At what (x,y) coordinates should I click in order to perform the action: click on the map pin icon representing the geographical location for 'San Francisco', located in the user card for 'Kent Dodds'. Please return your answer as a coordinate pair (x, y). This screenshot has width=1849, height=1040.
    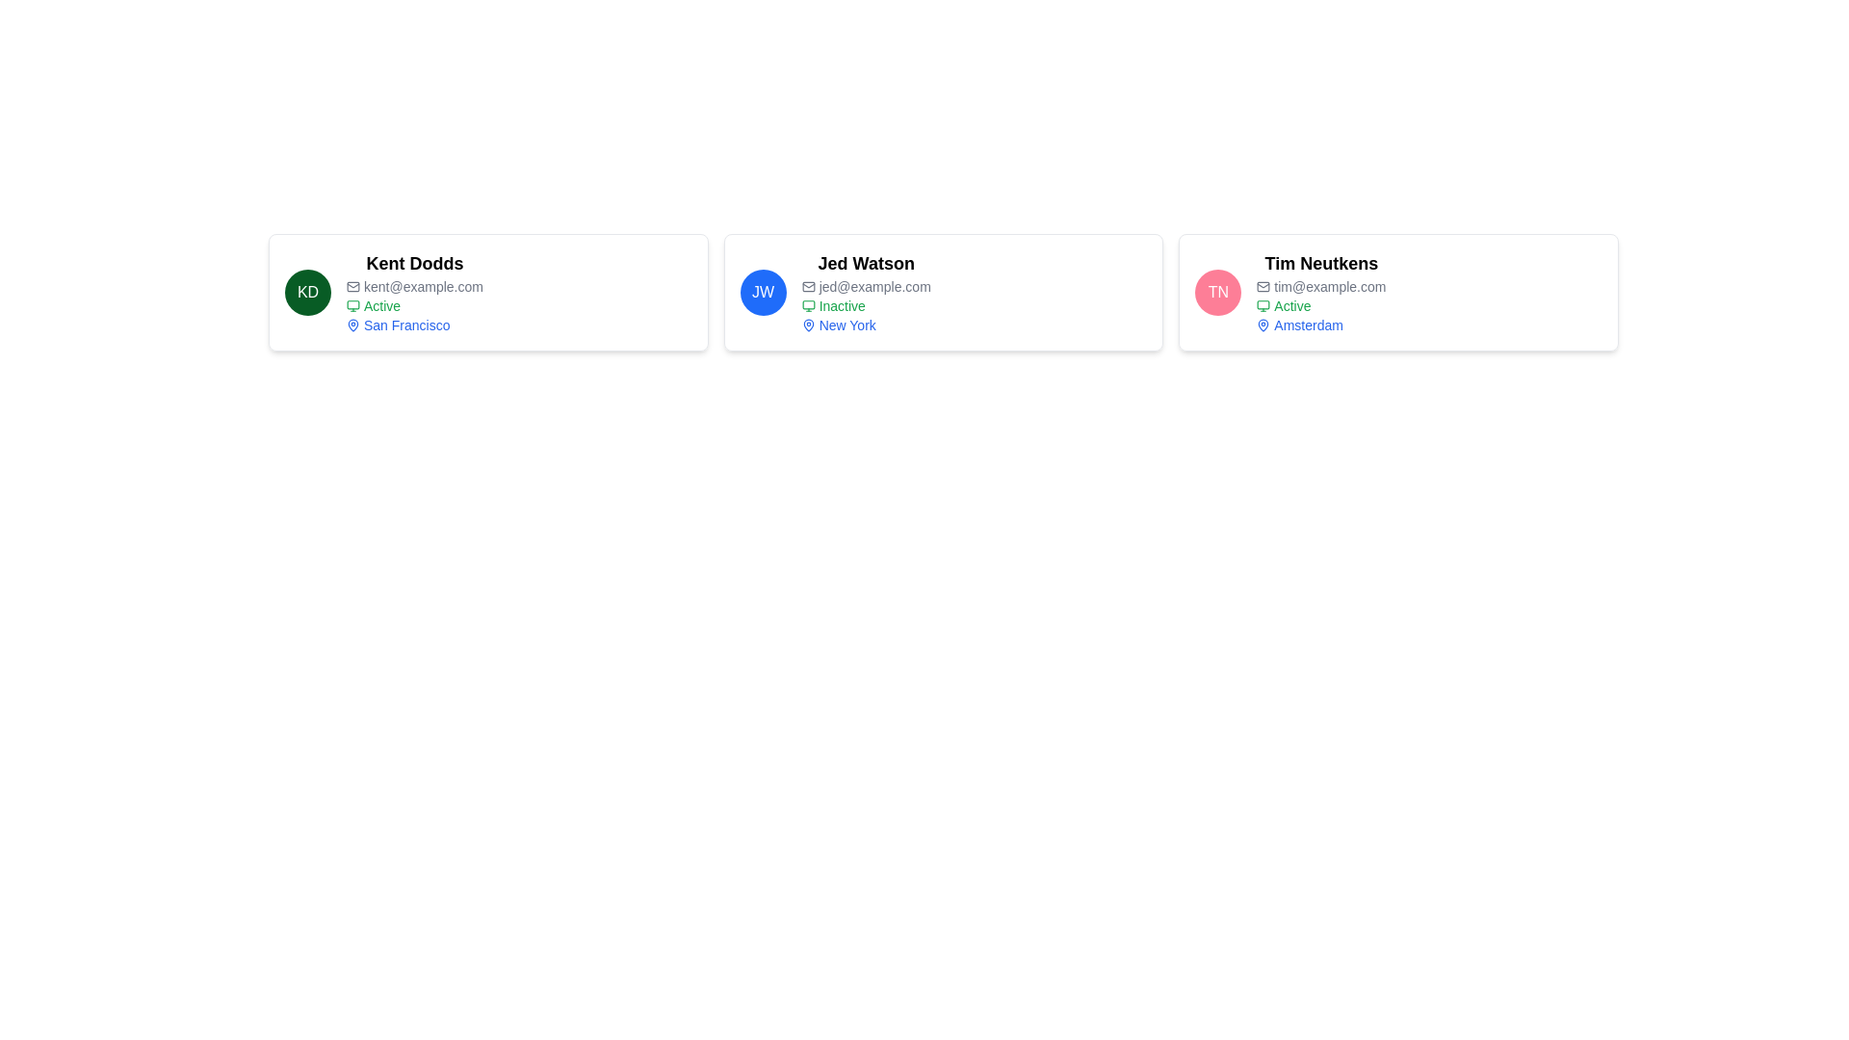
    Looking at the image, I should click on (352, 325).